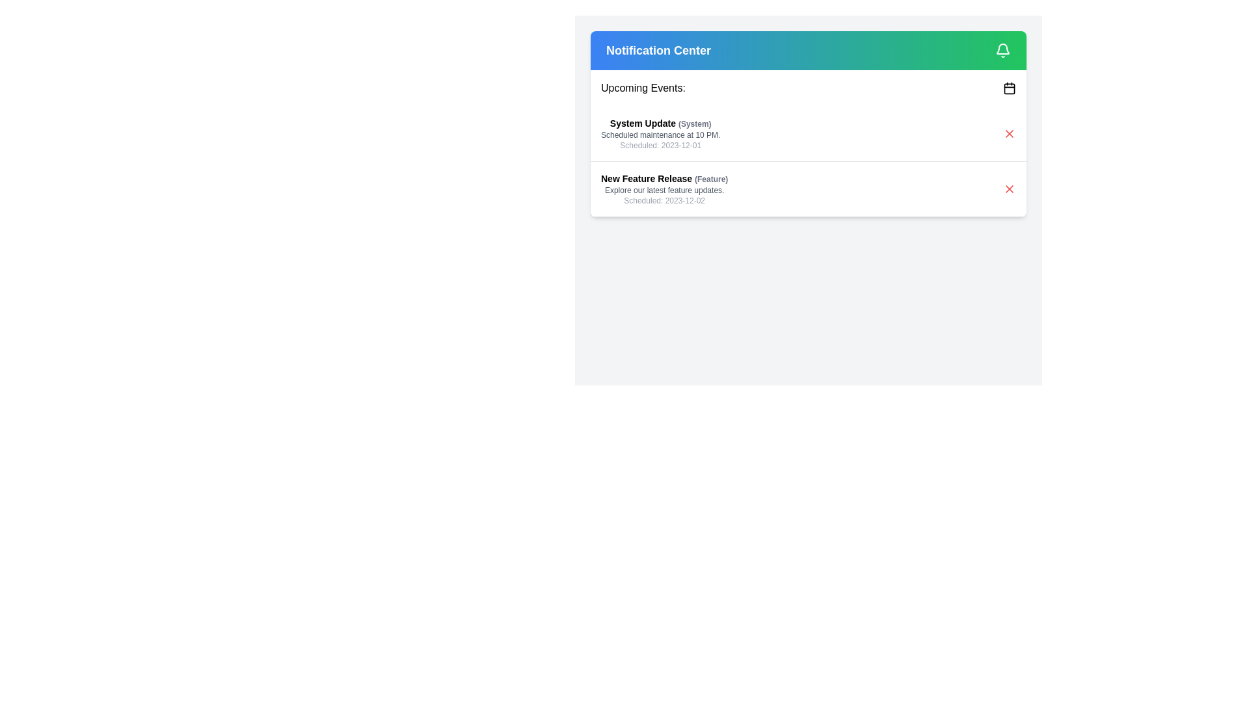  Describe the element at coordinates (1002, 49) in the screenshot. I see `the notification icon located on the right side of the 'Notification Center' section, which serves` at that location.